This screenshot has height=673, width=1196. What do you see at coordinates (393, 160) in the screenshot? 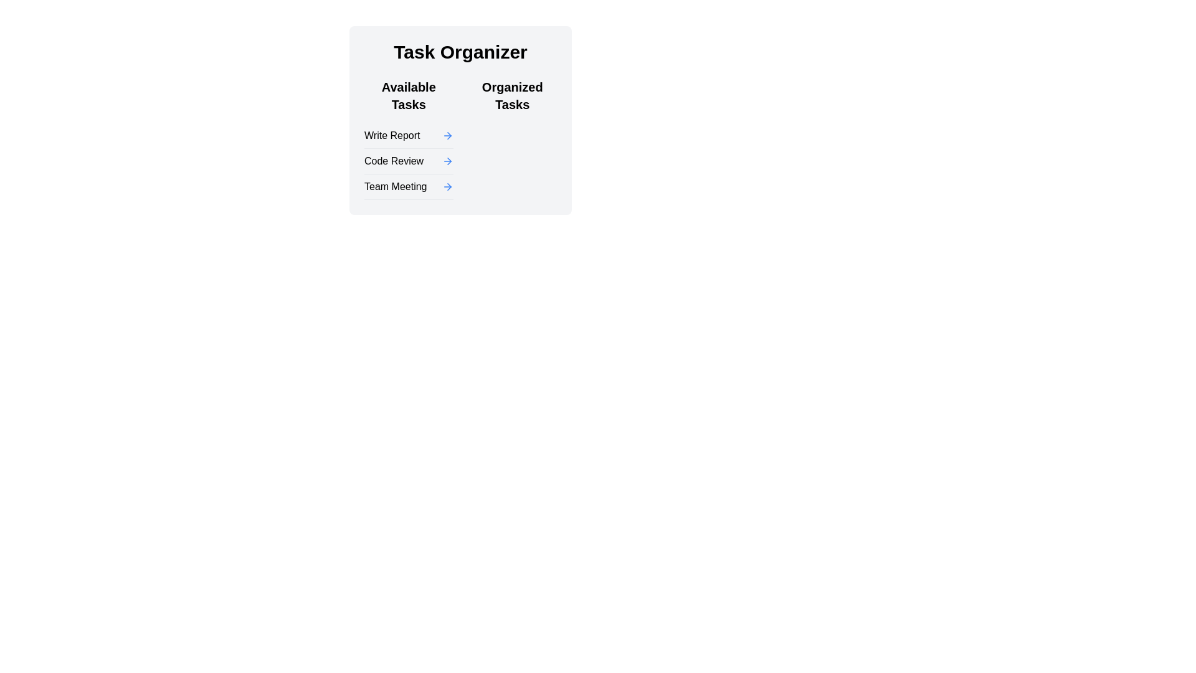
I see `the 'Code Review' text label, which is the second item in the list under 'Available Tasks', positioned between 'Write Report' and 'Team Meeting'` at bounding box center [393, 160].